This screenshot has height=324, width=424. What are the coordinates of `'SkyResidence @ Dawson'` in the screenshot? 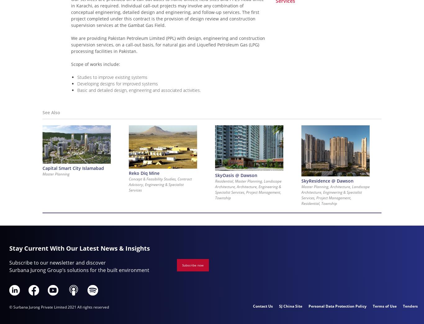 It's located at (327, 180).